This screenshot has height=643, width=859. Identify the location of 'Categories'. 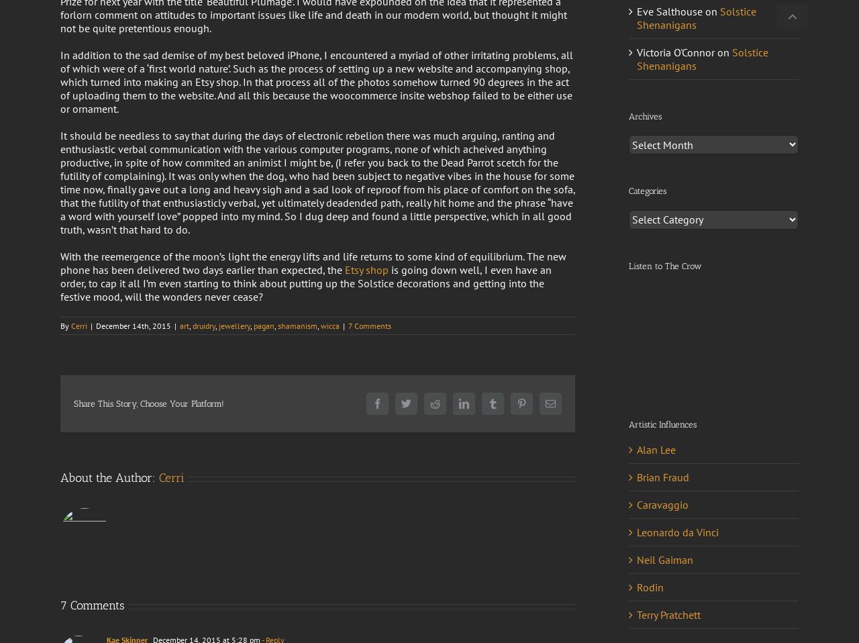
(627, 191).